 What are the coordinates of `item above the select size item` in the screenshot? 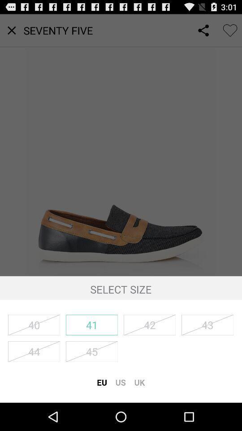 It's located at (121, 145).